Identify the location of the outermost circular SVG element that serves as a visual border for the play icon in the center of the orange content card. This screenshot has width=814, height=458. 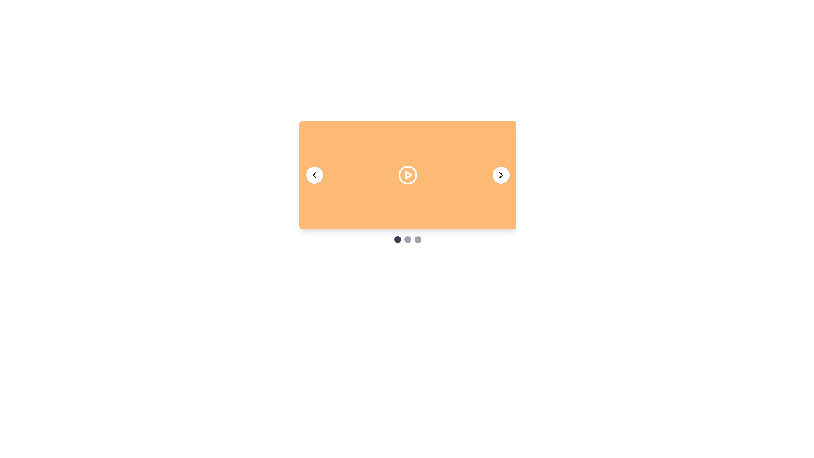
(407, 174).